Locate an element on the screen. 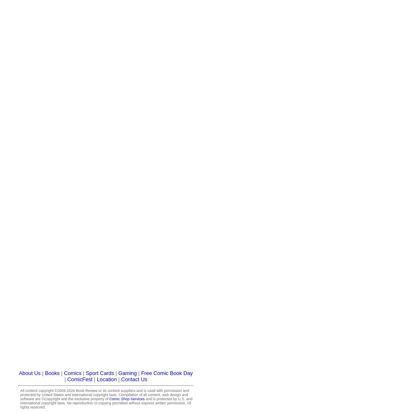 The height and width of the screenshot is (413, 411). 'Comic Shop Services' is located at coordinates (109, 399).